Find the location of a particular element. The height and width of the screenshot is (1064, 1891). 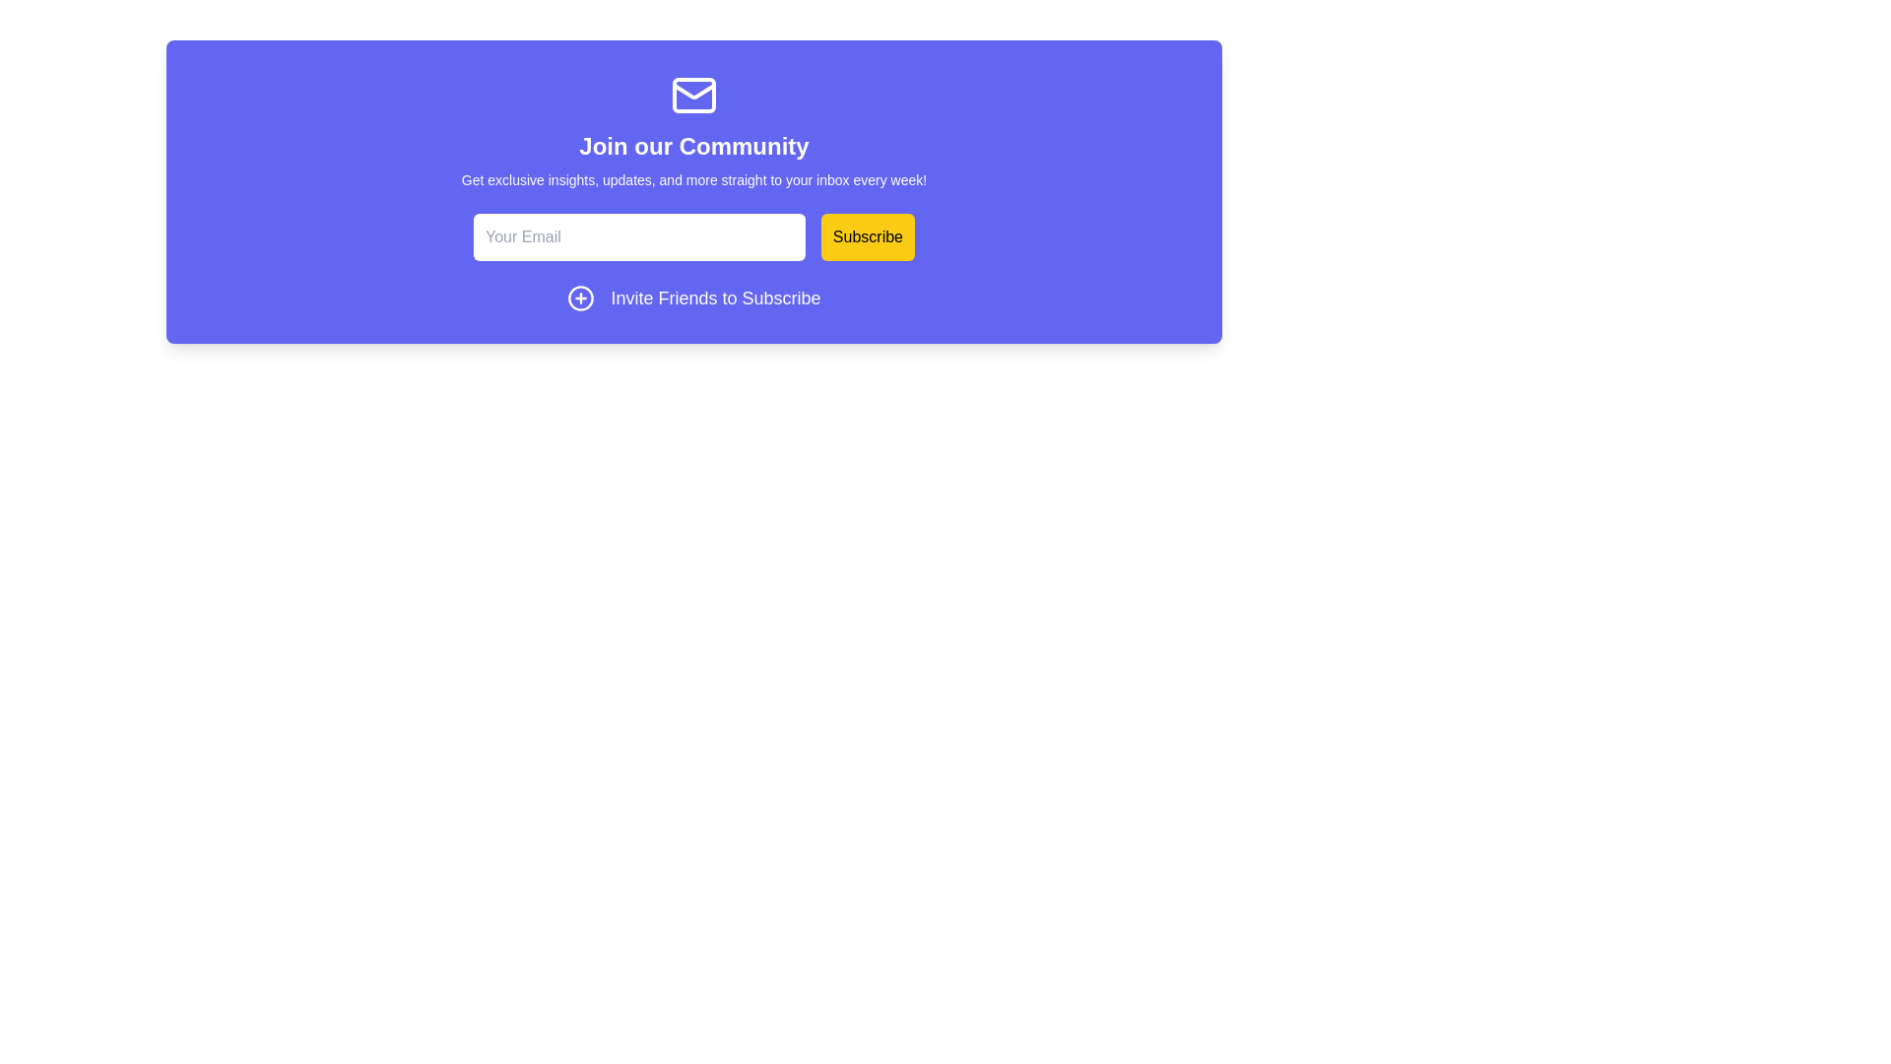

the text element reading 'Get exclusive insights, updates, and more straight to your inbox every week!' which is positioned below the 'Join our Community' text and above the email input field is located at coordinates (694, 179).